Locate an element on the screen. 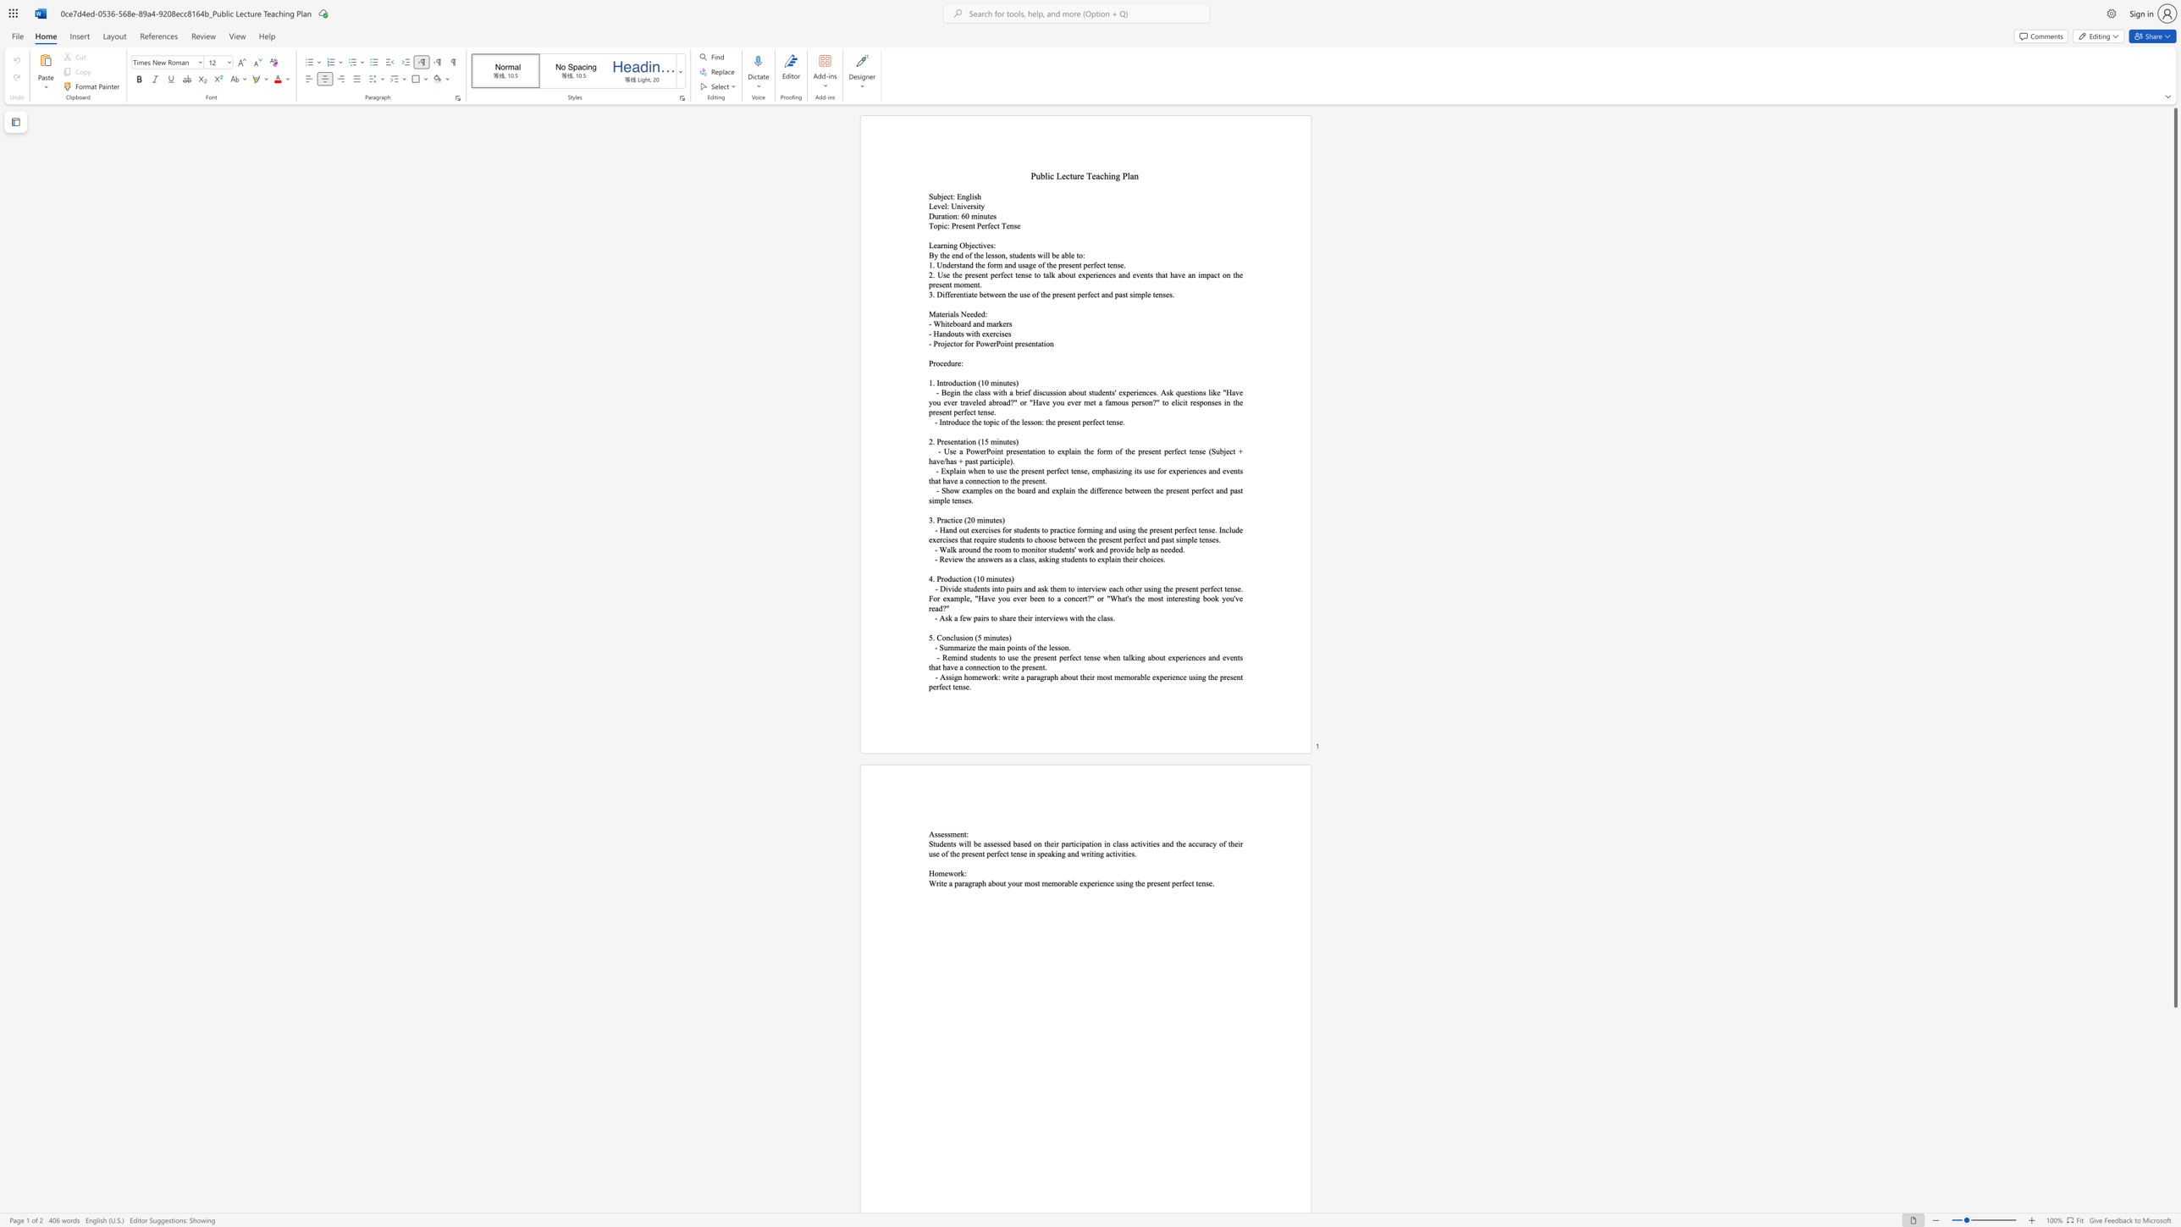  the scrollbar to scroll the page down is located at coordinates (2174, 1209).